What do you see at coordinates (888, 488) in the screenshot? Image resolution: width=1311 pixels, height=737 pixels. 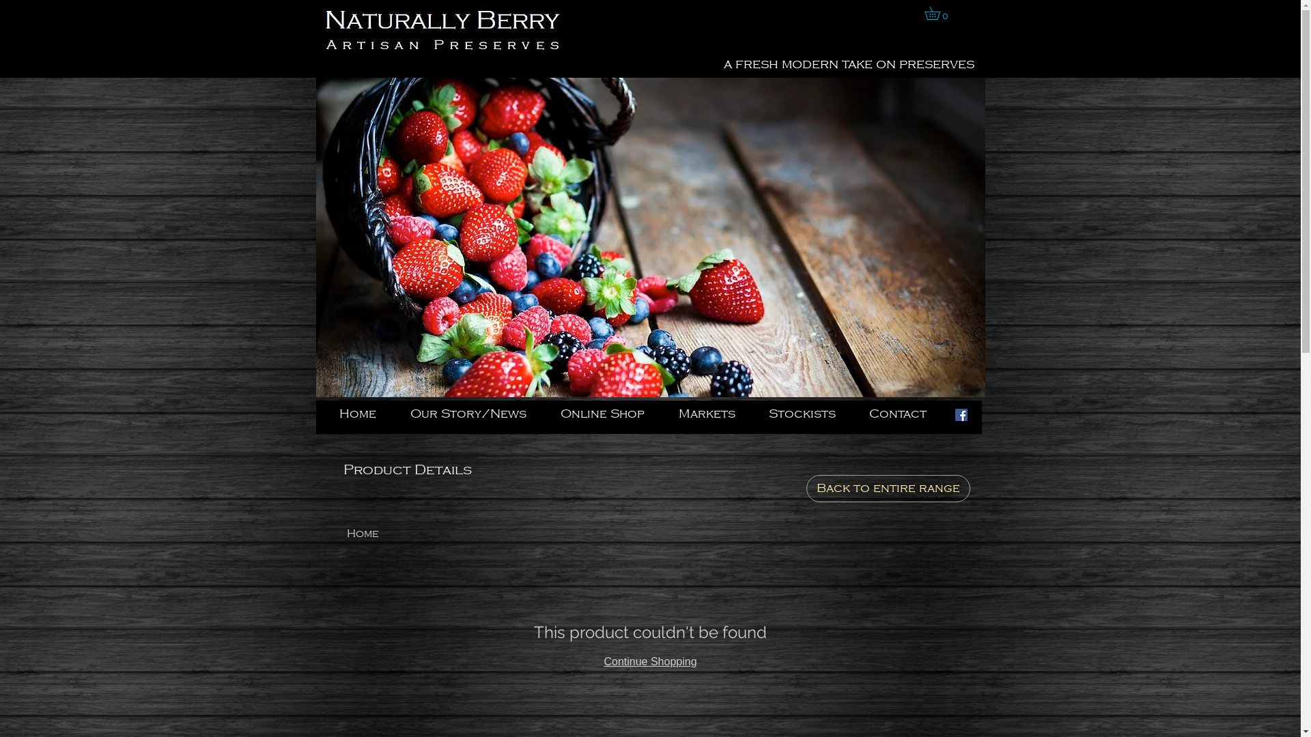 I see `'Back to entire range'` at bounding box center [888, 488].